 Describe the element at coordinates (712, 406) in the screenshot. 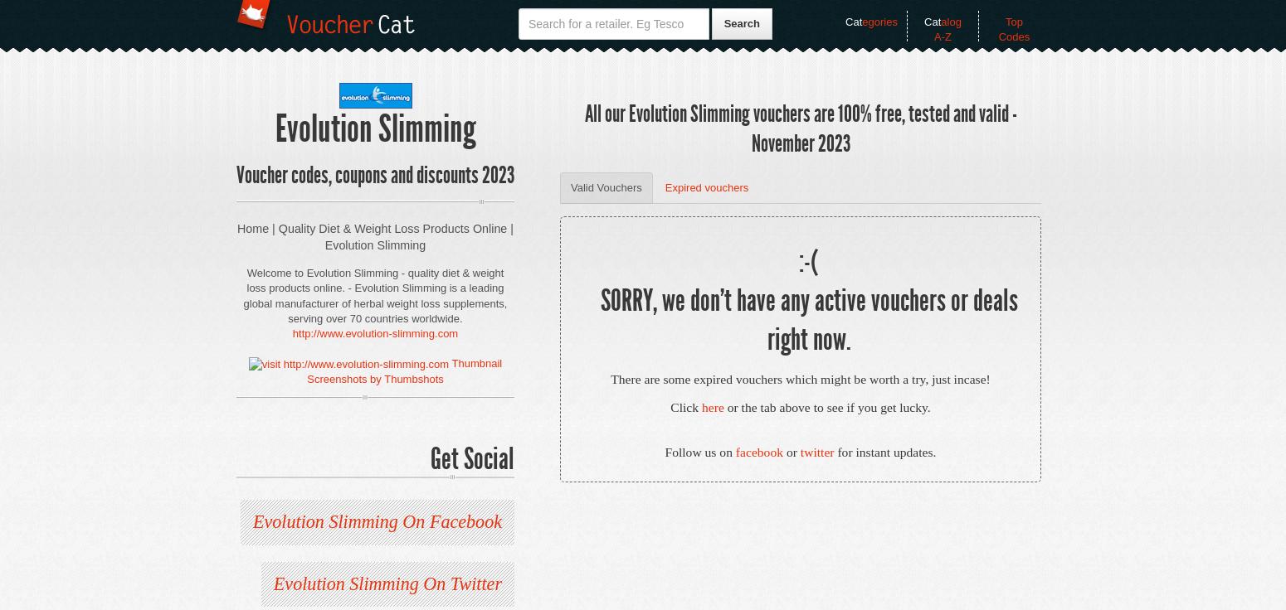

I see `'here'` at that location.